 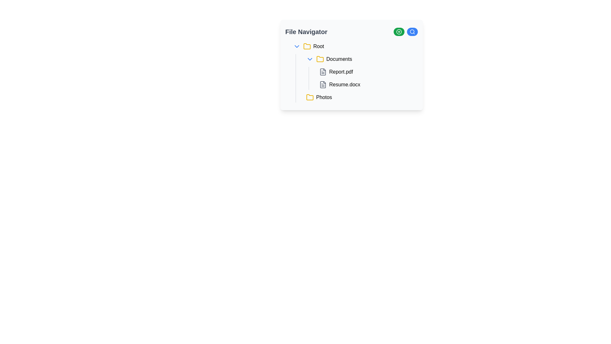 What do you see at coordinates (412, 32) in the screenshot?
I see `the magnifying glass icon button with a blue circular background in the top-right corner of the 'File Navigator' panel to initiate a search` at bounding box center [412, 32].